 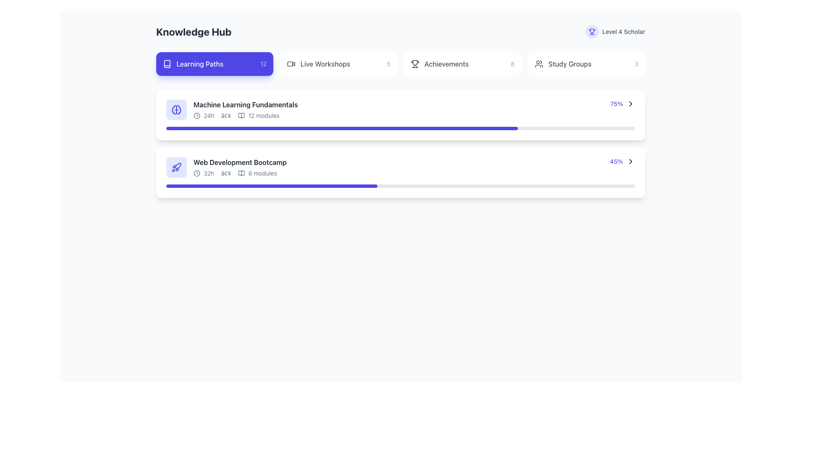 What do you see at coordinates (462, 63) in the screenshot?
I see `the third button labeled 'Achievements' with a trophy icon` at bounding box center [462, 63].